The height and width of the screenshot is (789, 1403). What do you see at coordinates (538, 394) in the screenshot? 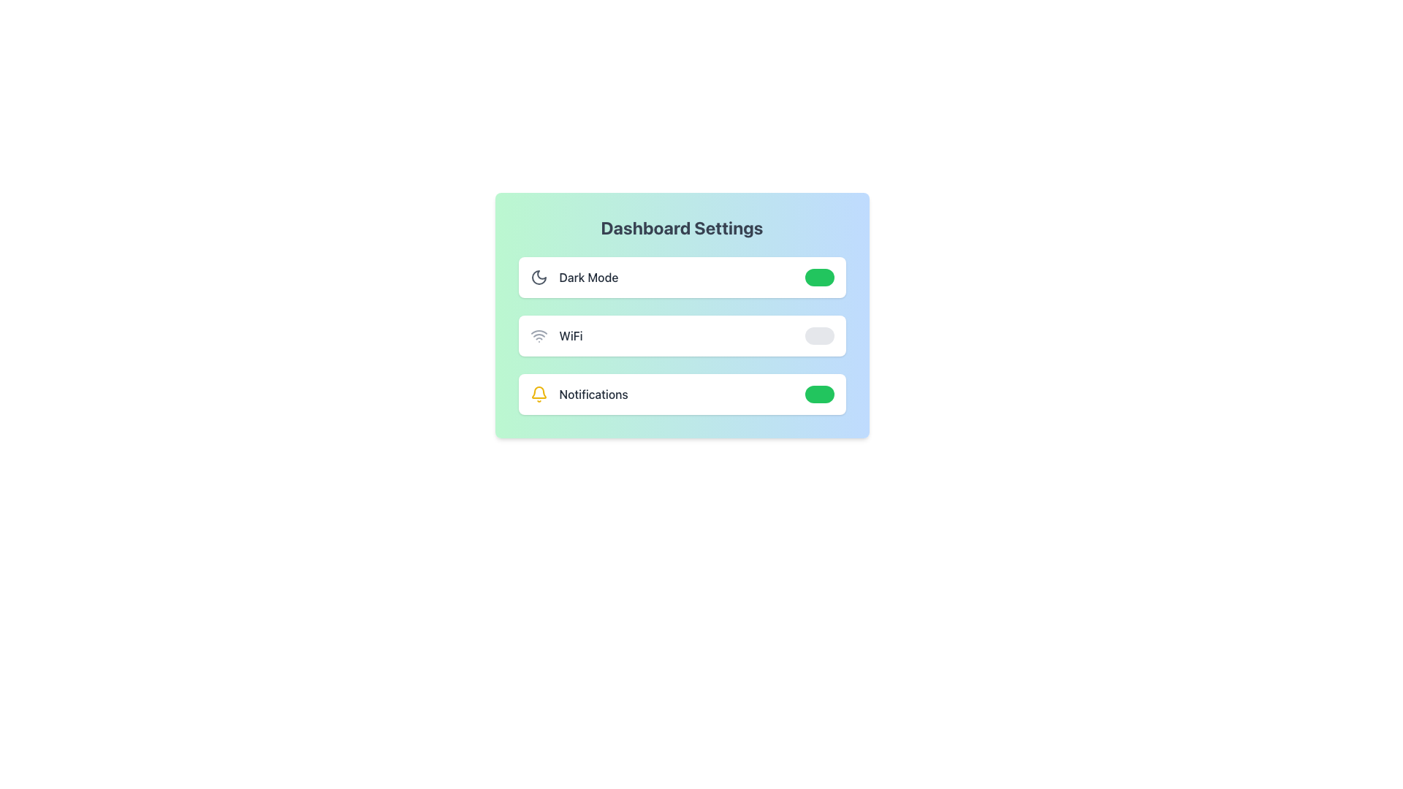
I see `the yellow bell icon located to the left of the 'Notifications' text in the settings menu` at bounding box center [538, 394].